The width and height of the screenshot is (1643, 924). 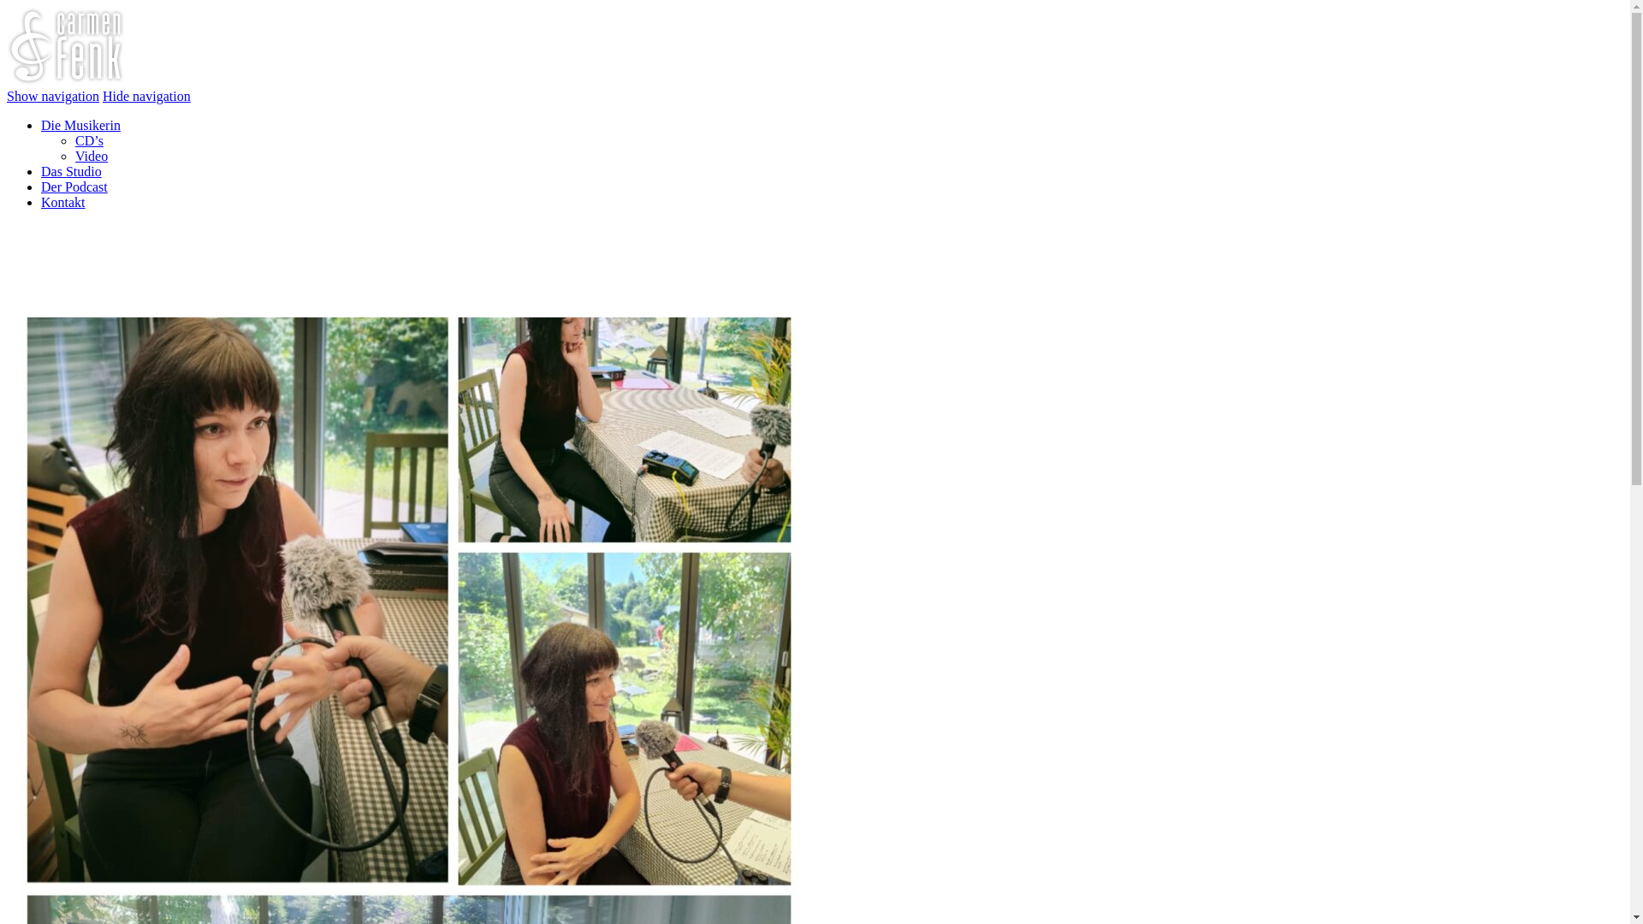 I want to click on 'Video', so click(x=90, y=156).